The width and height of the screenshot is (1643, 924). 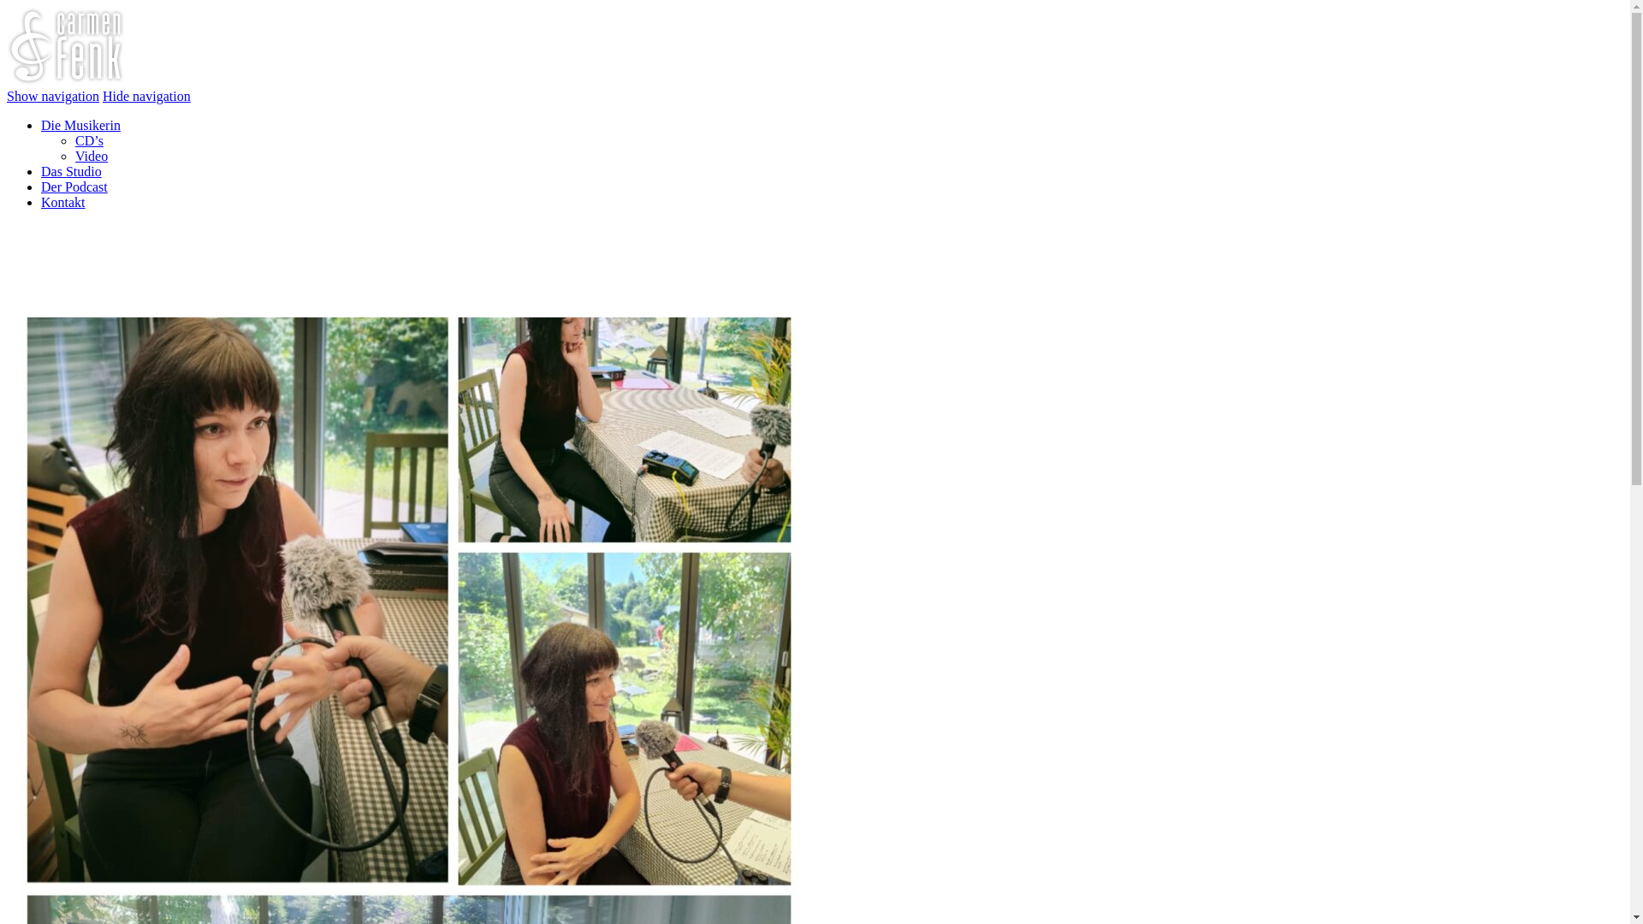 I want to click on 'Video', so click(x=90, y=156).